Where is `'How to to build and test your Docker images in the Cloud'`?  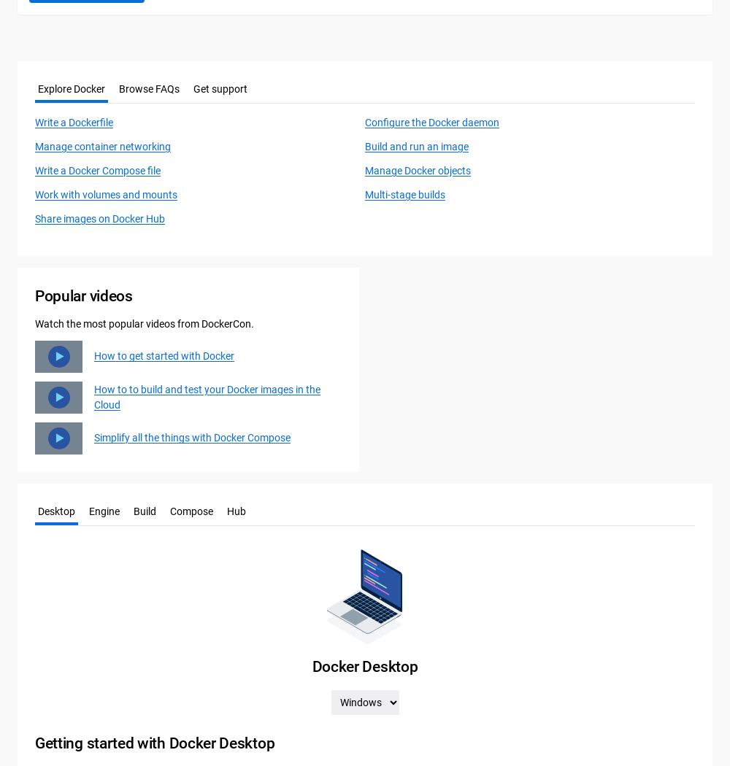
'How to to build and test your Docker images in the Cloud' is located at coordinates (207, 396).